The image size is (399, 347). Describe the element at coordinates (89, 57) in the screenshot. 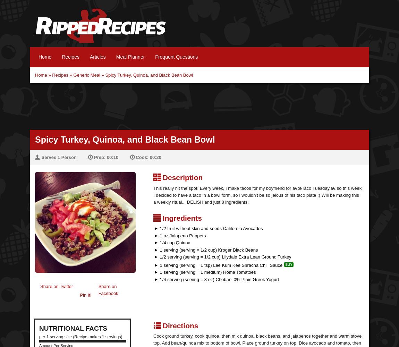

I see `'Articles'` at that location.